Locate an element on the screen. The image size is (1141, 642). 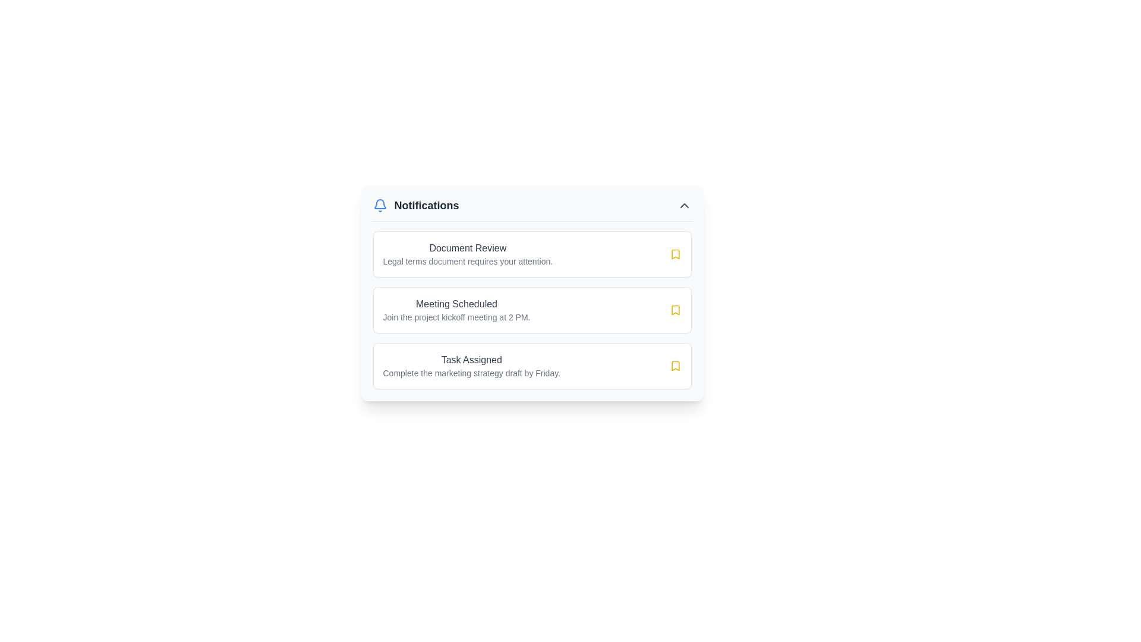
text in the second notification card under the 'Notifications' header, which is a Text block prompting users to review a specific legal terms document is located at coordinates (467, 260).